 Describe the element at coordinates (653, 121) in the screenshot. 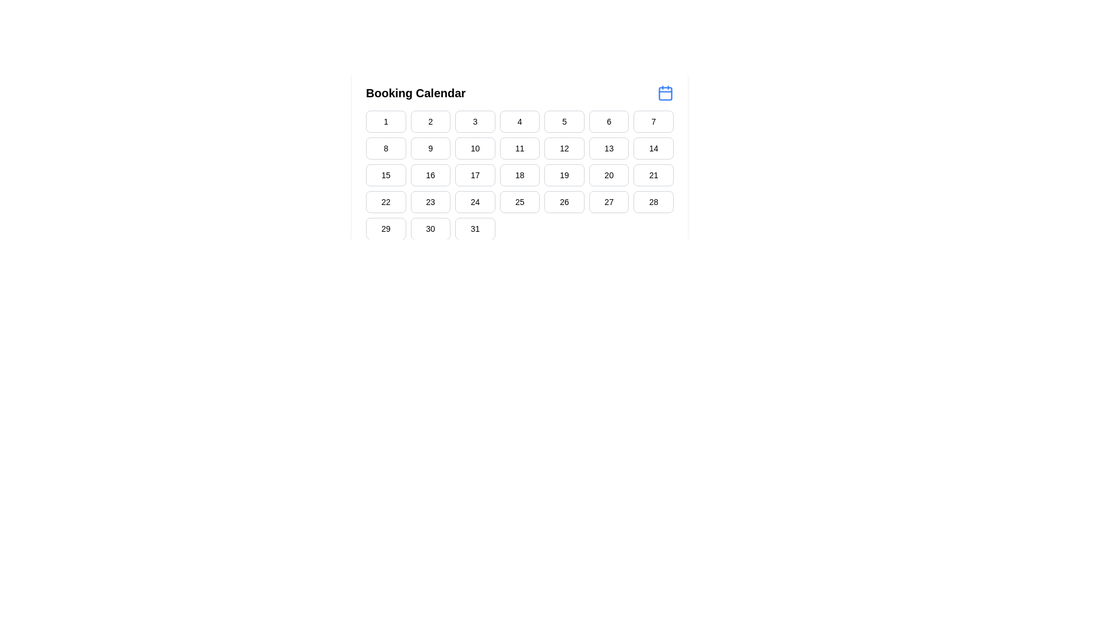

I see `the rectangular button labeled '7' to observe the hover effects changing its background color to light blue` at that location.